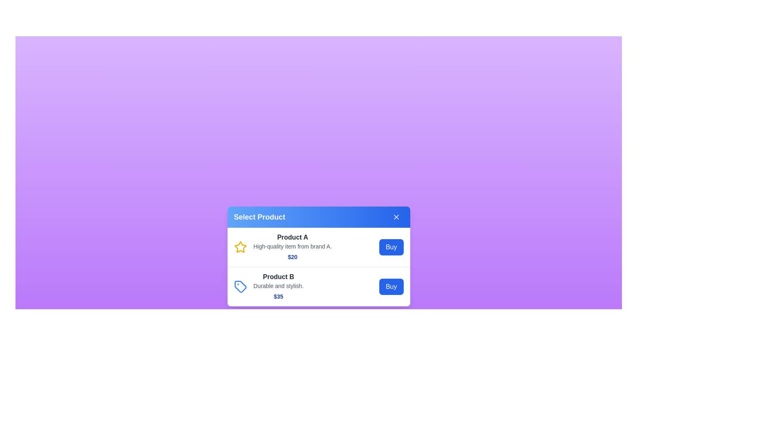  What do you see at coordinates (396, 216) in the screenshot?
I see `close button in the top-right corner of the modal` at bounding box center [396, 216].